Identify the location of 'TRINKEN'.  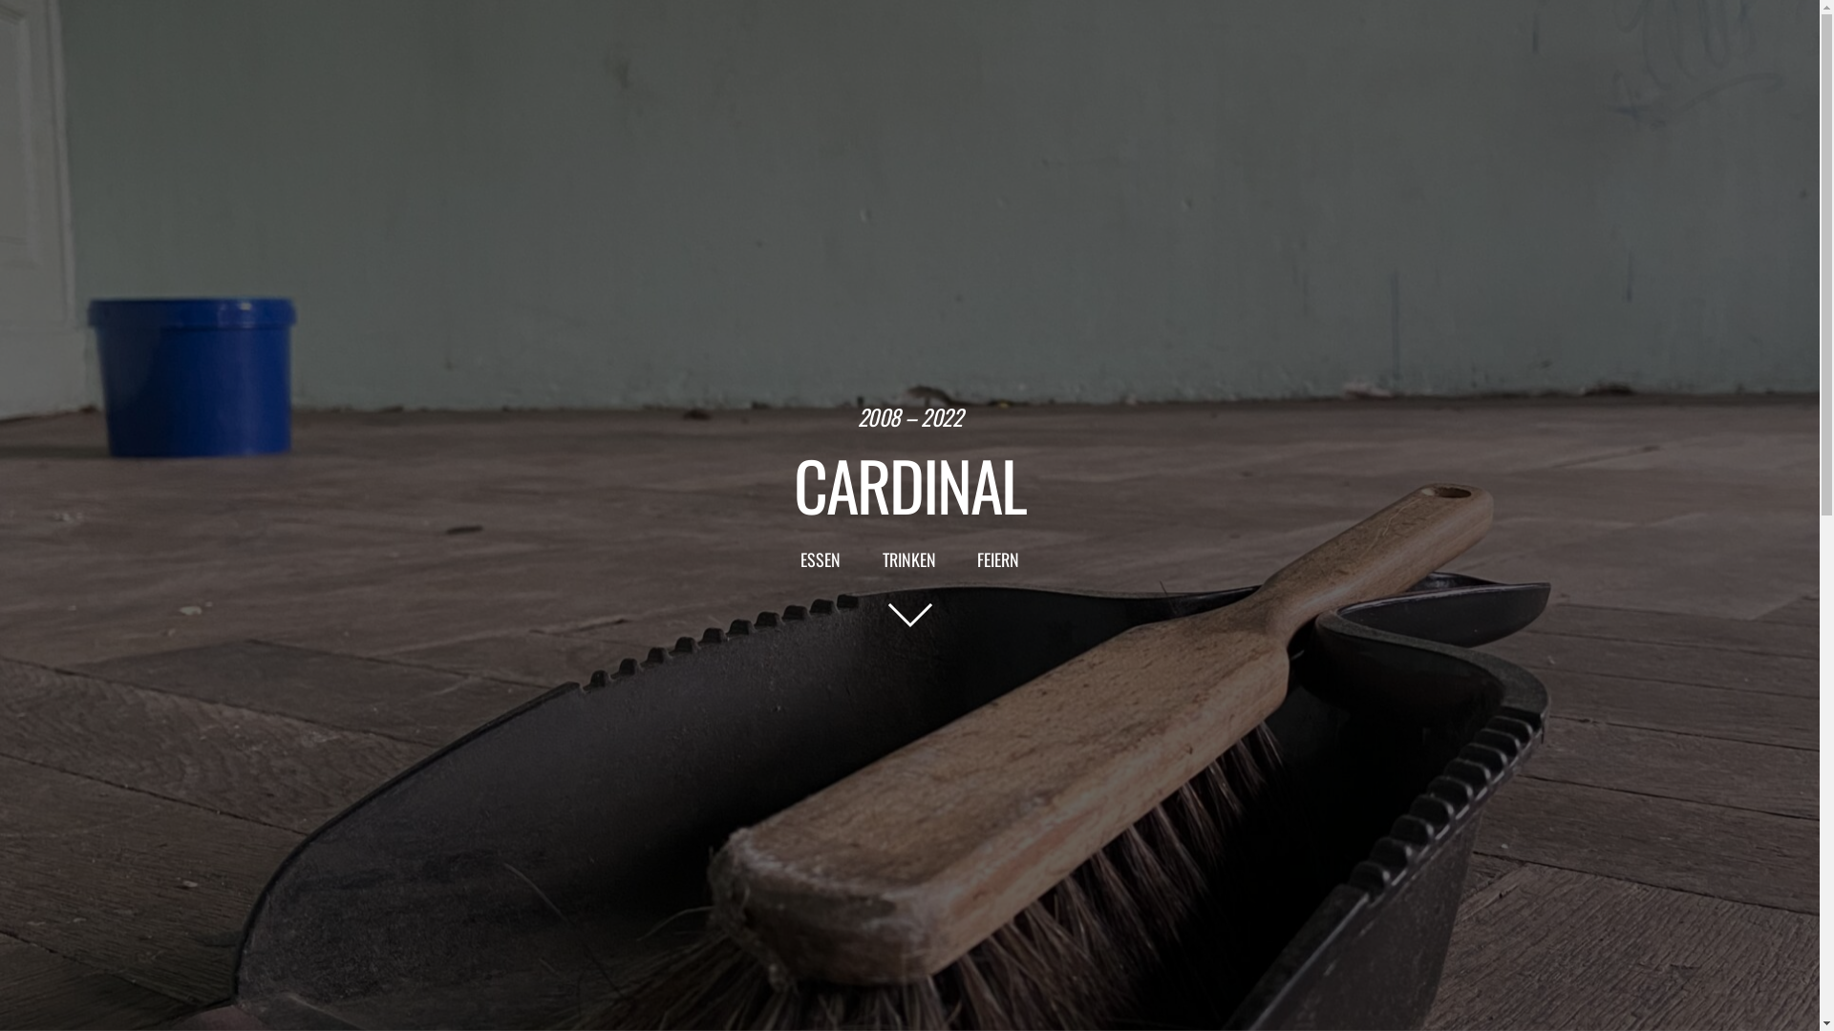
(907, 558).